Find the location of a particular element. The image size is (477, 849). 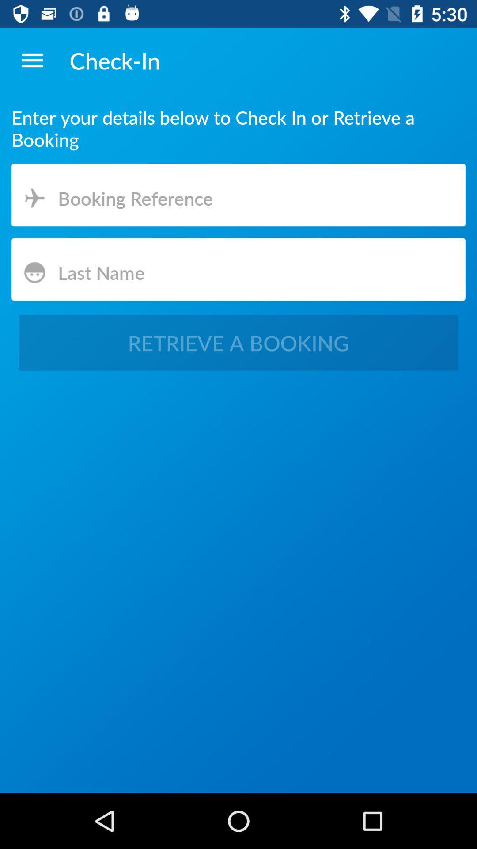

item to the left of the check-in app is located at coordinates (32, 60).